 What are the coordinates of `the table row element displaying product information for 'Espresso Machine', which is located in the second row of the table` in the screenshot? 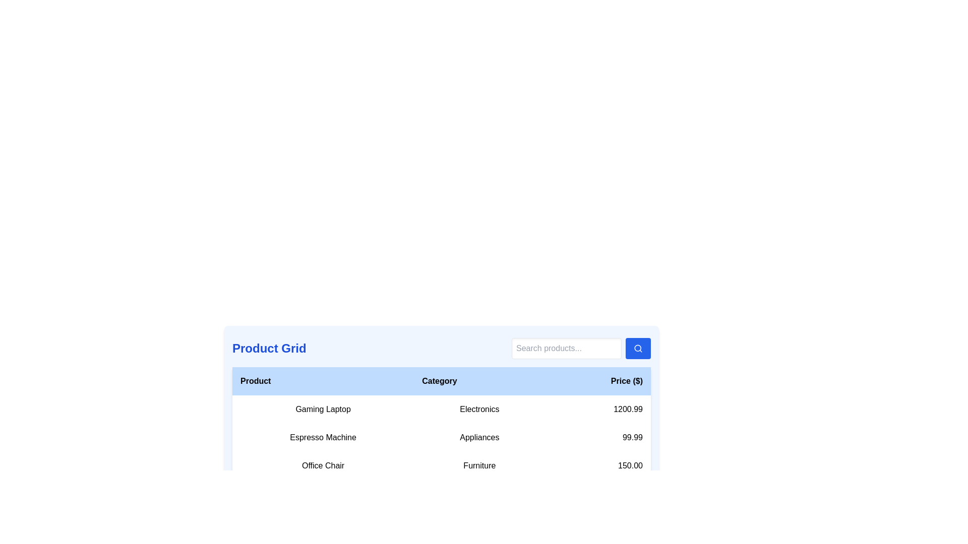 It's located at (441, 437).